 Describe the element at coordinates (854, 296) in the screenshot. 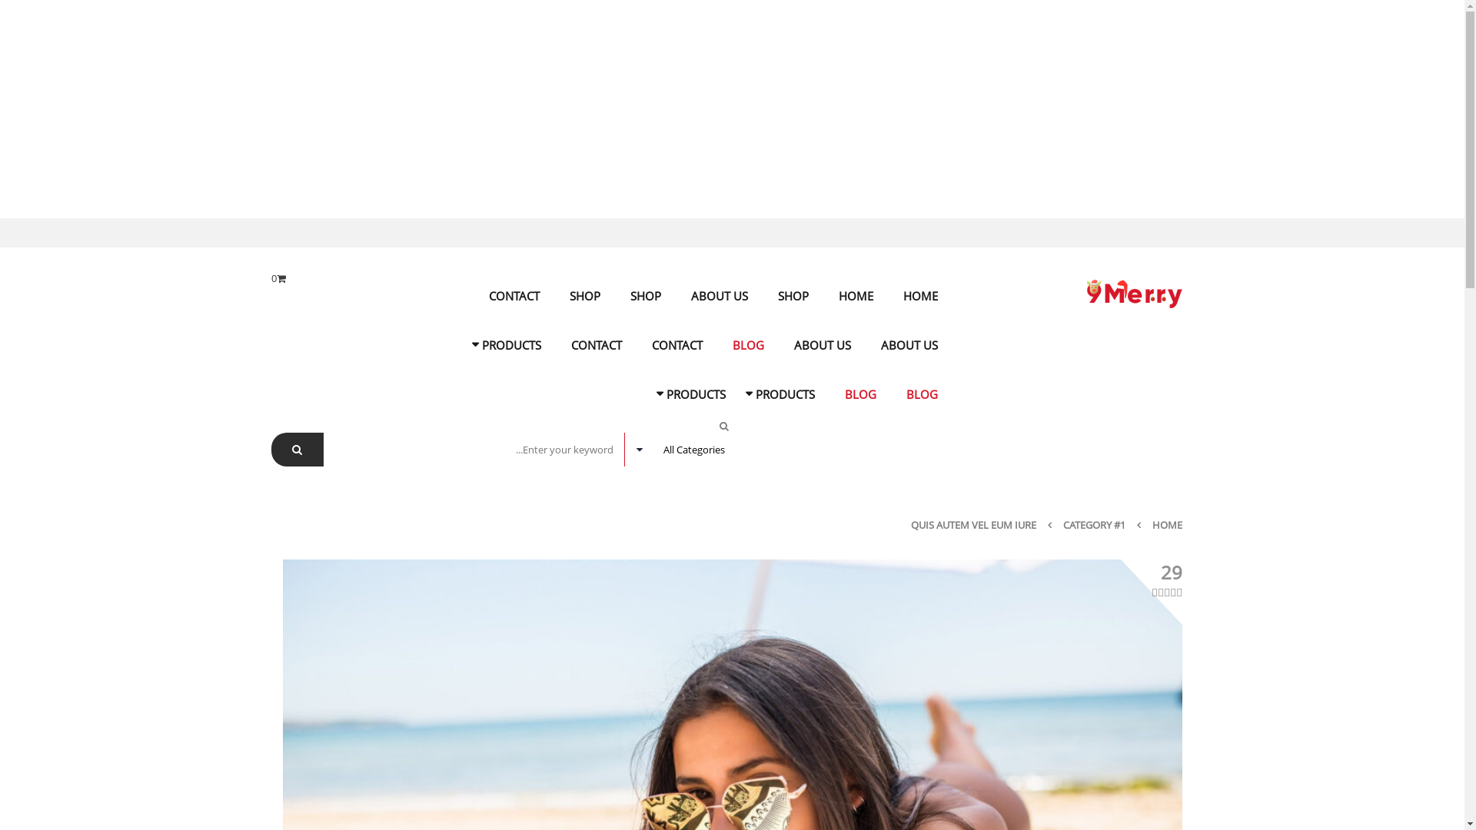

I see `'HOME'` at that location.